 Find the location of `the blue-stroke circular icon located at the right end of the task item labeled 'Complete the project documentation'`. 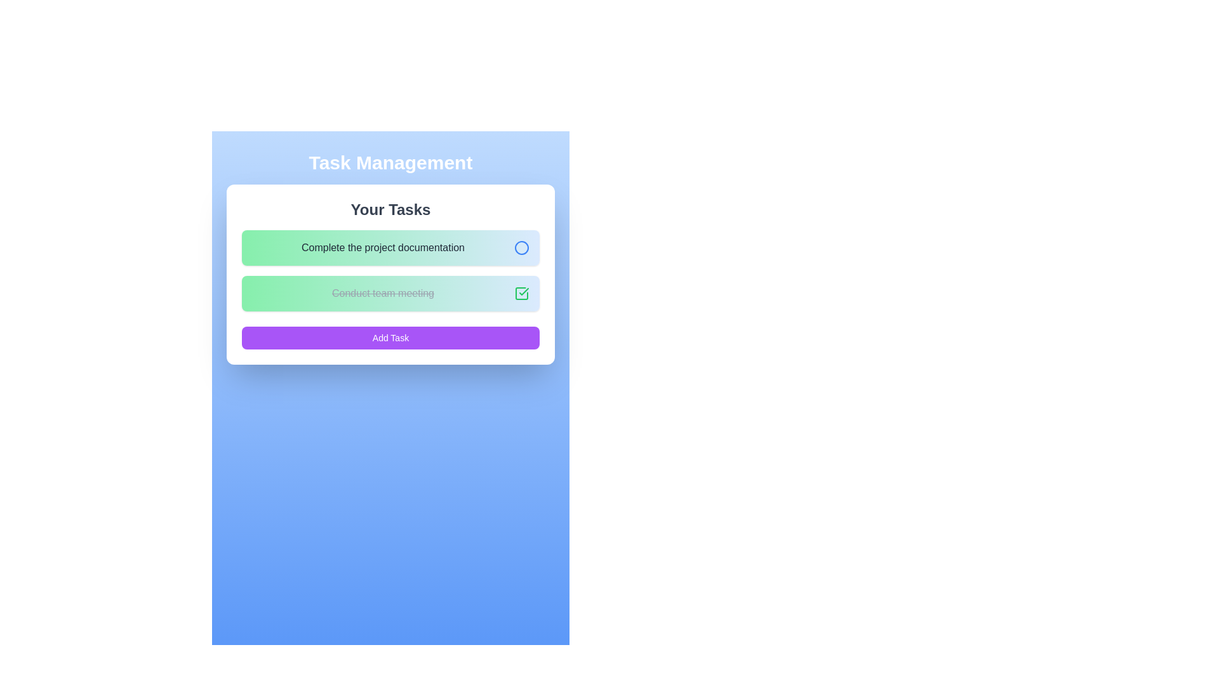

the blue-stroke circular icon located at the right end of the task item labeled 'Complete the project documentation' is located at coordinates (521, 247).